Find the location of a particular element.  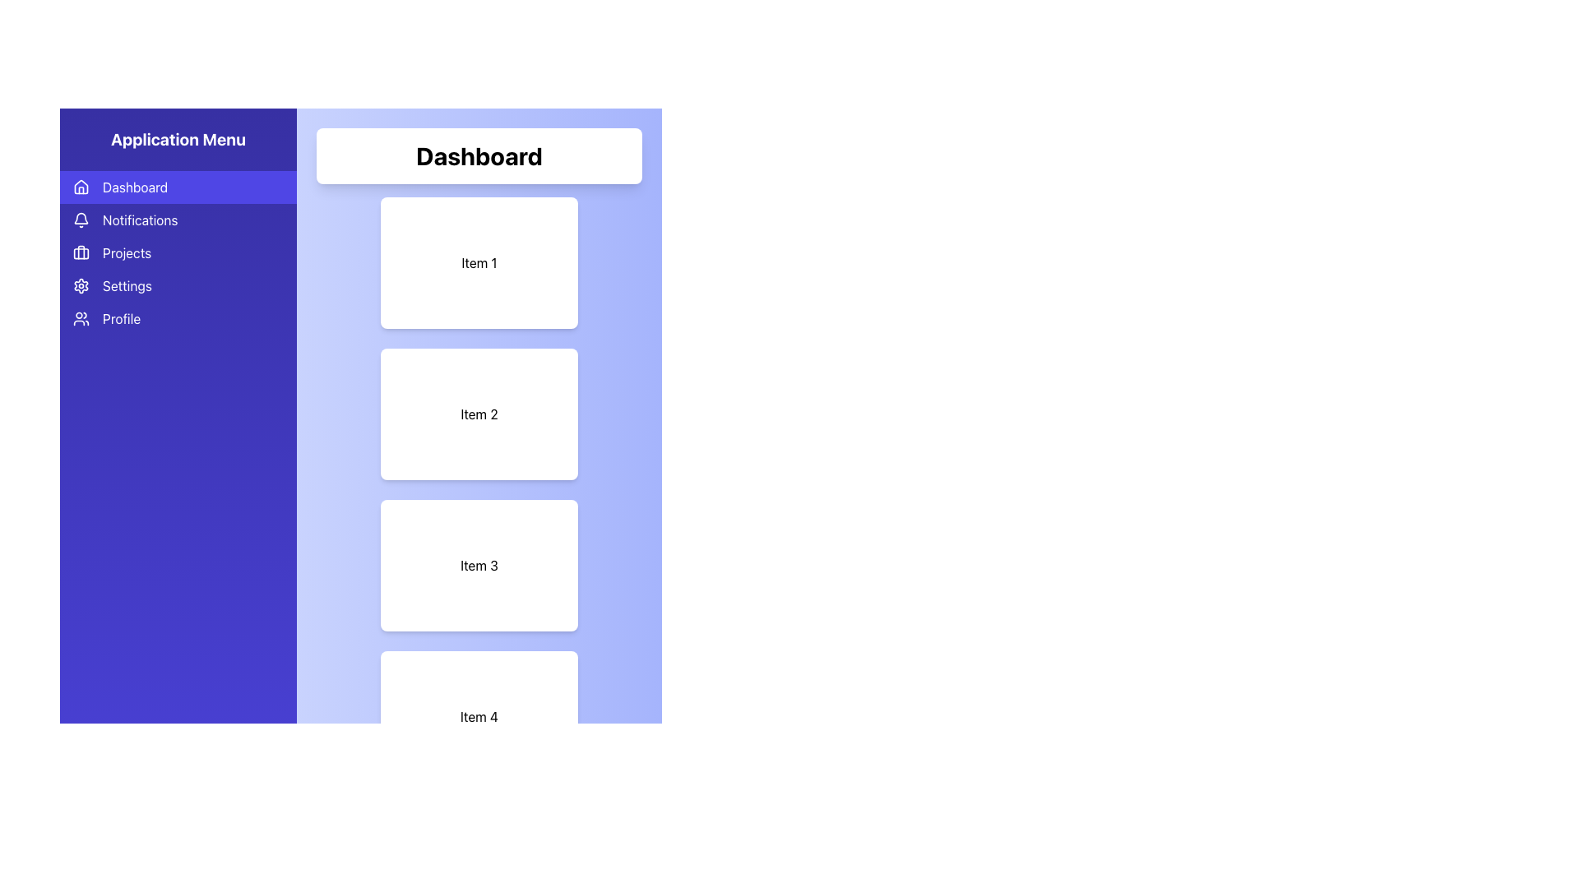

the settings icon located in the fourth row of the sidebar navigation list is located at coordinates (81, 284).